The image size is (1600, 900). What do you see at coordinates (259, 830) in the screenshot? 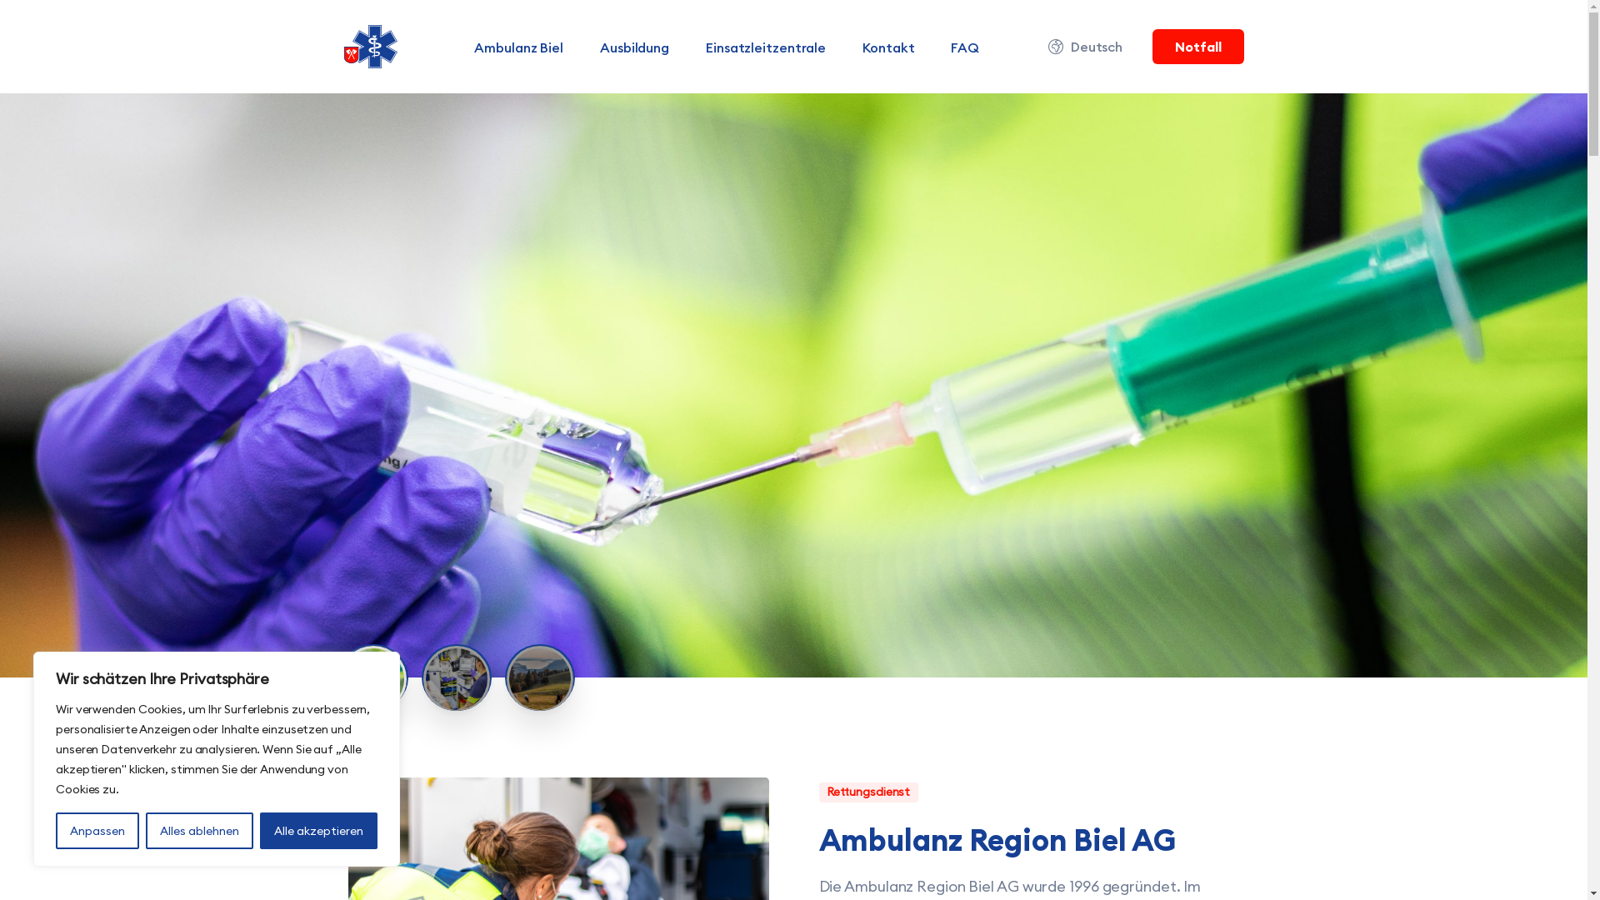
I see `'Alle akzeptieren'` at bounding box center [259, 830].